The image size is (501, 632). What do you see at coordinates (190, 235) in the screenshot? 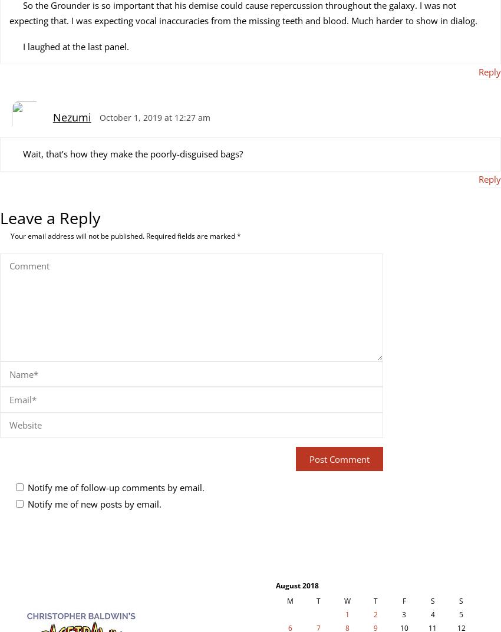
I see `'Required fields are marked'` at bounding box center [190, 235].